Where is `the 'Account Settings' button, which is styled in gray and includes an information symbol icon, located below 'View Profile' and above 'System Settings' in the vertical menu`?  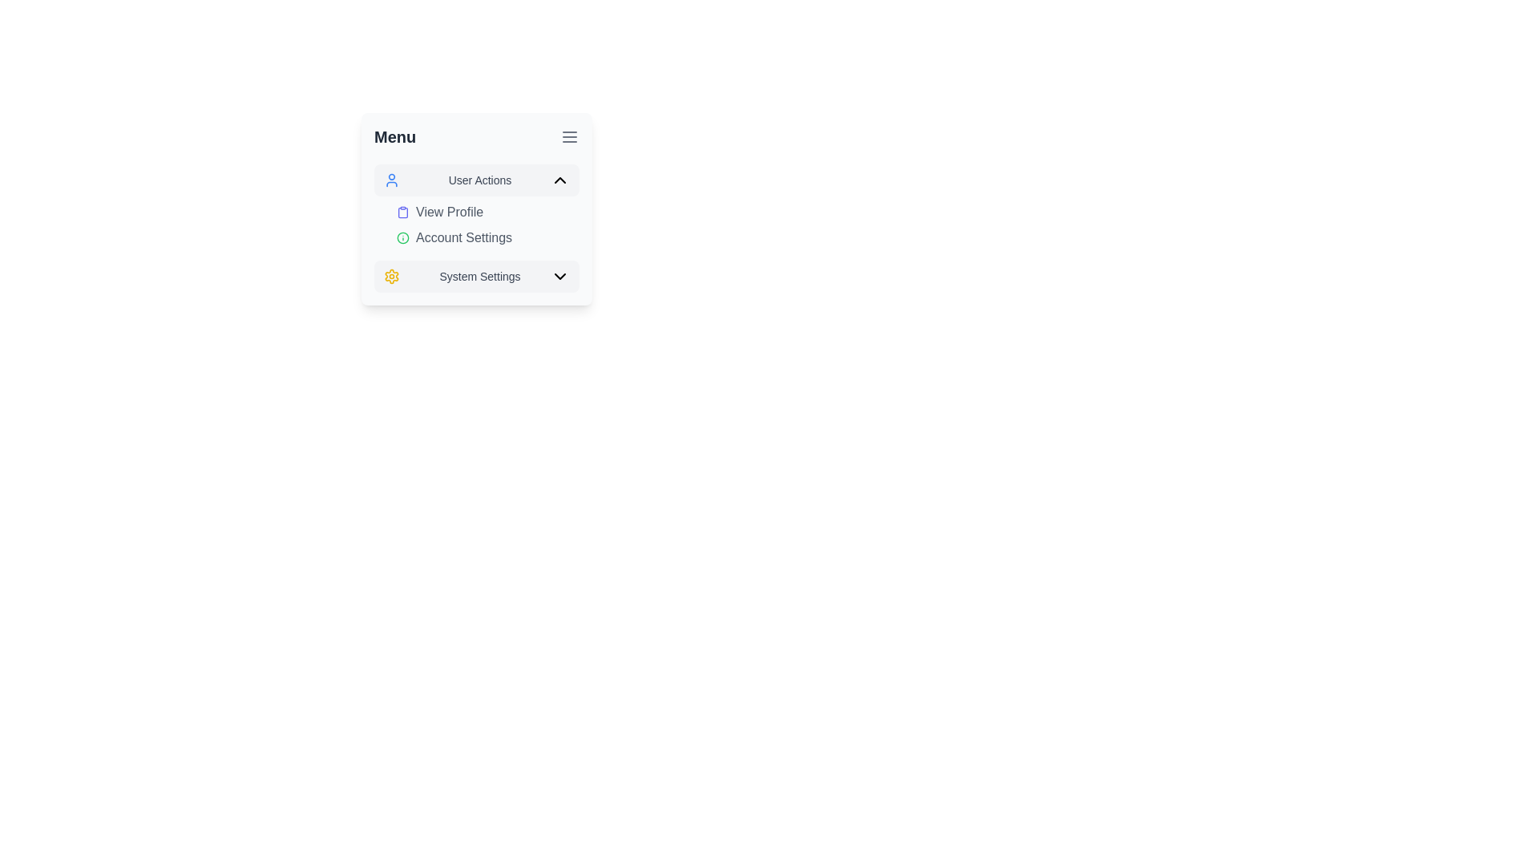
the 'Account Settings' button, which is styled in gray and includes an information symbol icon, located below 'View Profile' and above 'System Settings' in the vertical menu is located at coordinates (487, 238).